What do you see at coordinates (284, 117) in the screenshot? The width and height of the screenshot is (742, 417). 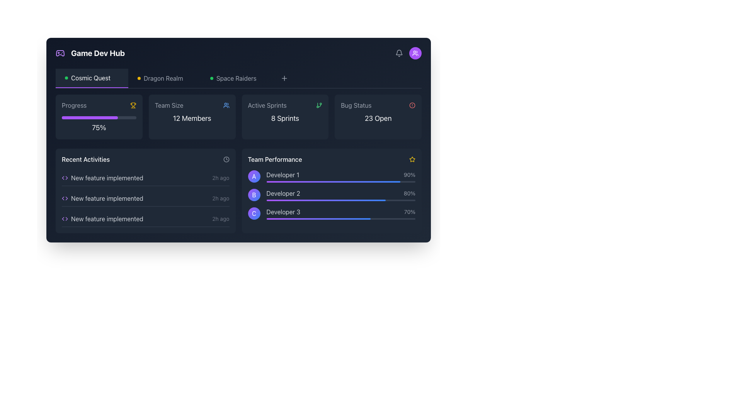 I see `displayed text from the Informational card that shows the current number of active sprints in the project management interface, located in the top row of the grid layout, between the 'Team Size' and 'Bug Status' cards` at bounding box center [284, 117].